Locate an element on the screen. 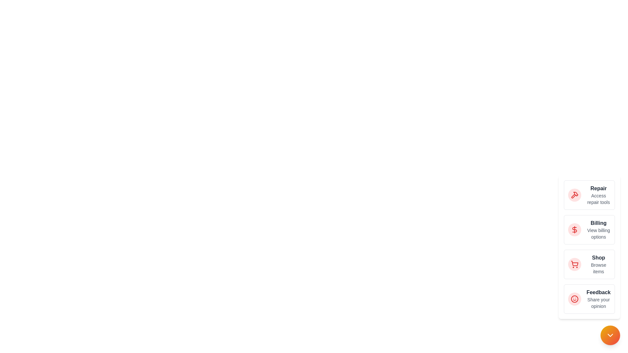  the toggle button to open or close the speed dial menu is located at coordinates (610, 335).